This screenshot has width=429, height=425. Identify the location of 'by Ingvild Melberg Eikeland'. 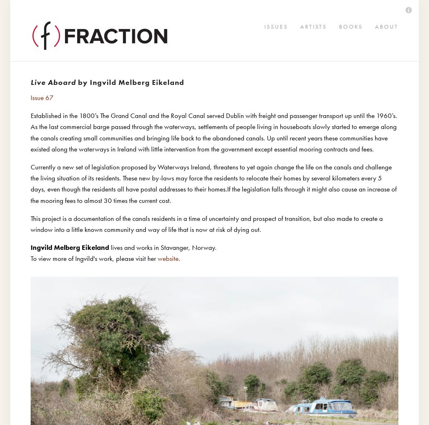
(76, 82).